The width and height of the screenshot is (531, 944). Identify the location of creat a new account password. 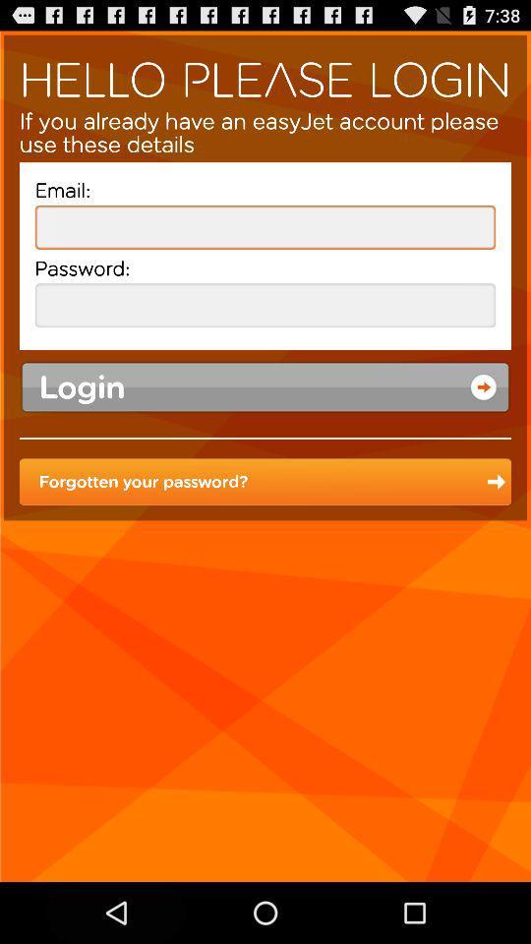
(265, 305).